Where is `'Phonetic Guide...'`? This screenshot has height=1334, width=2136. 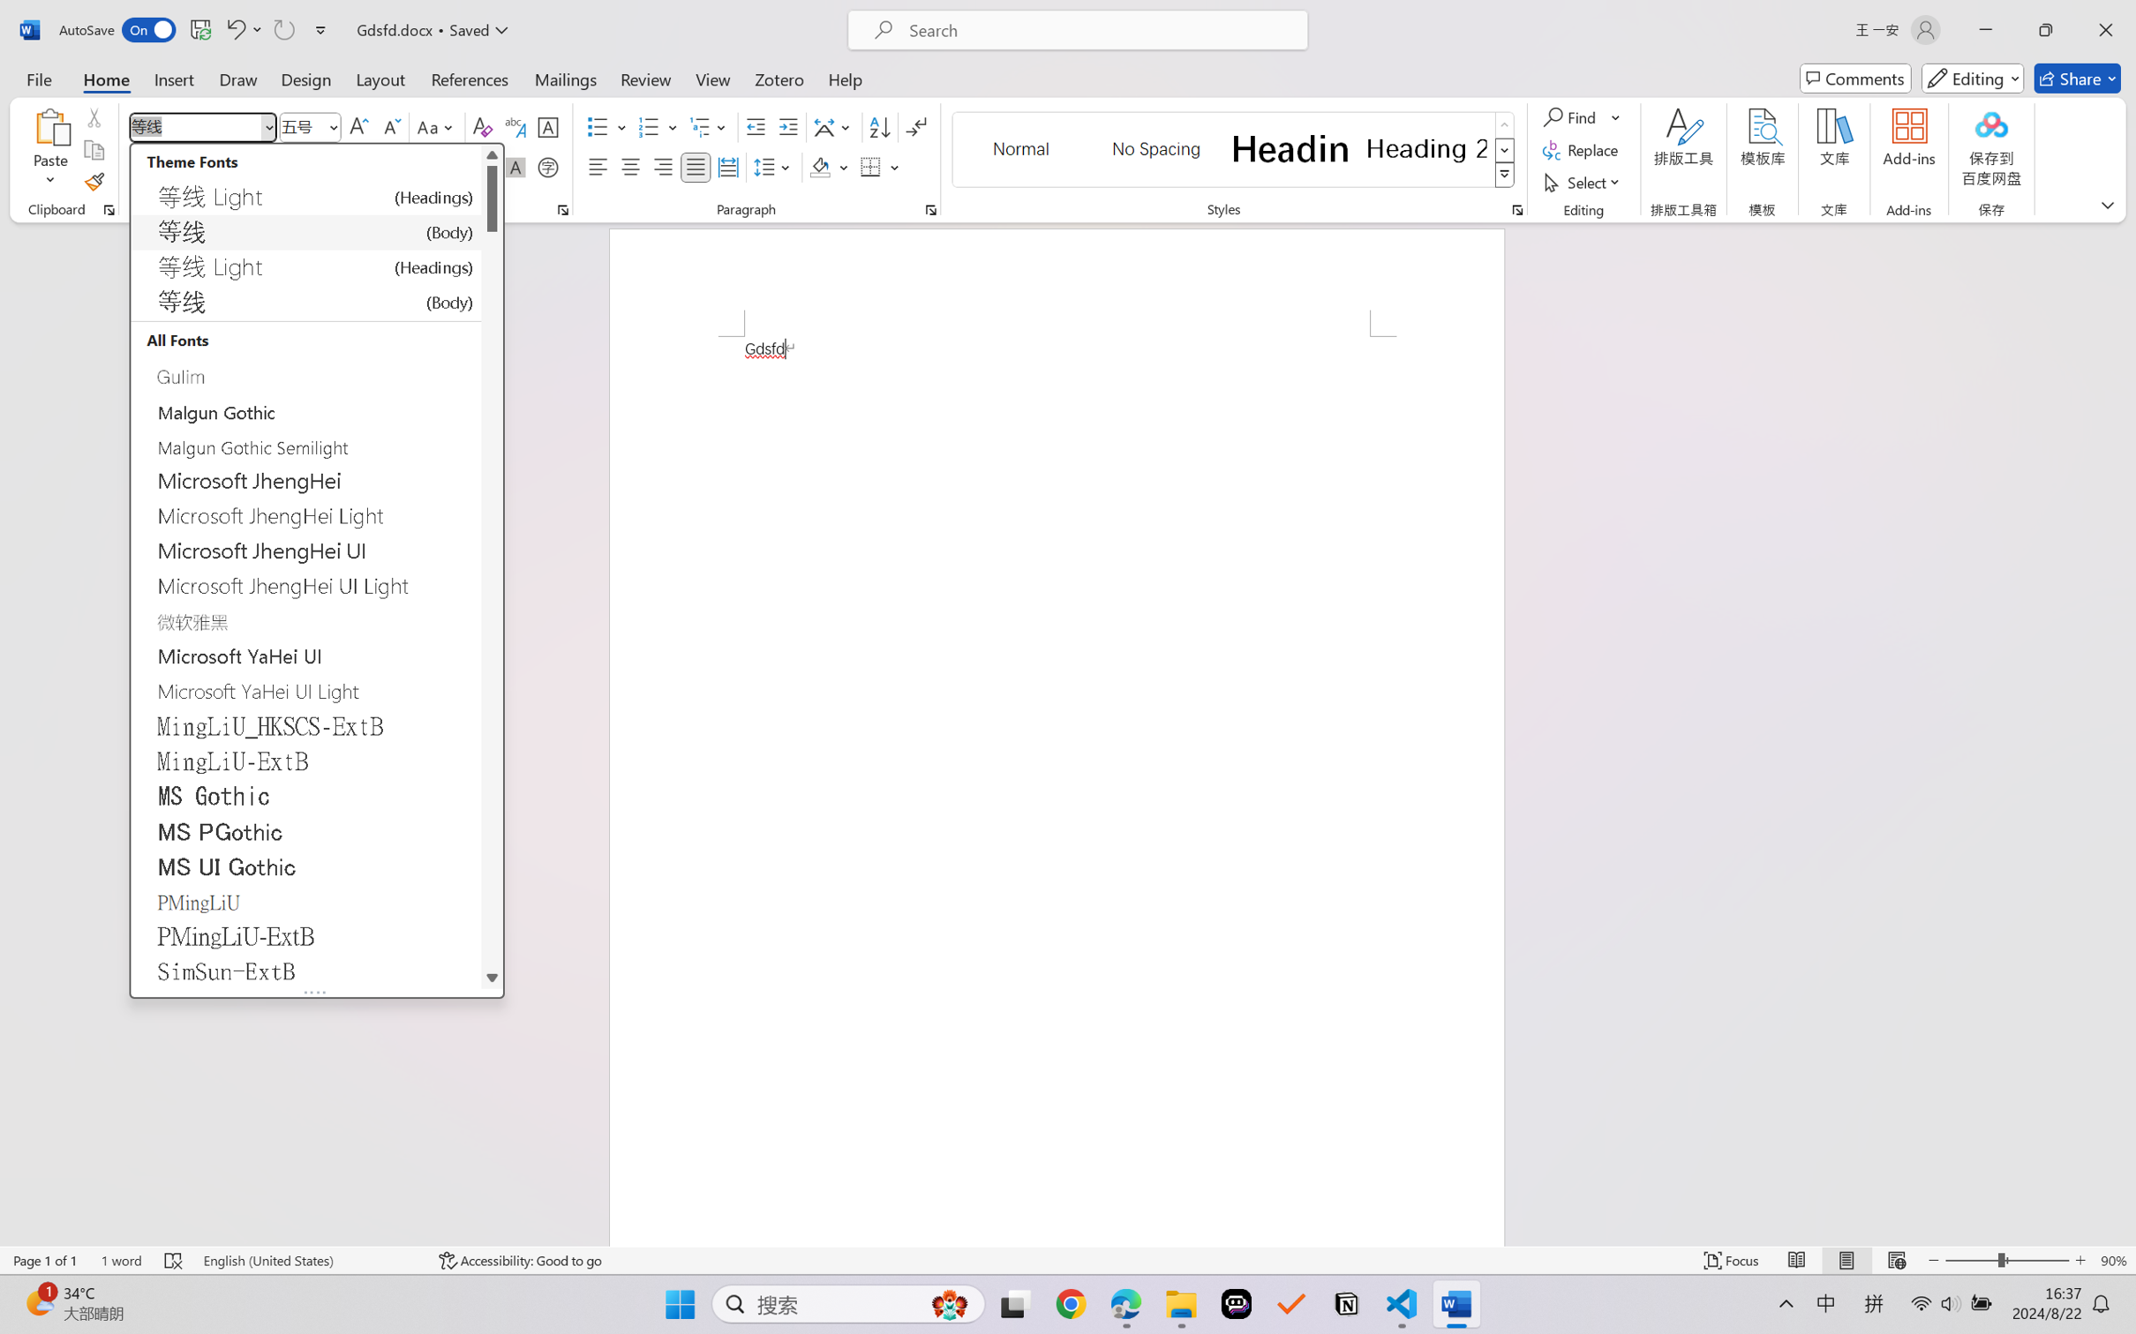
'Phonetic Guide...' is located at coordinates (513, 127).